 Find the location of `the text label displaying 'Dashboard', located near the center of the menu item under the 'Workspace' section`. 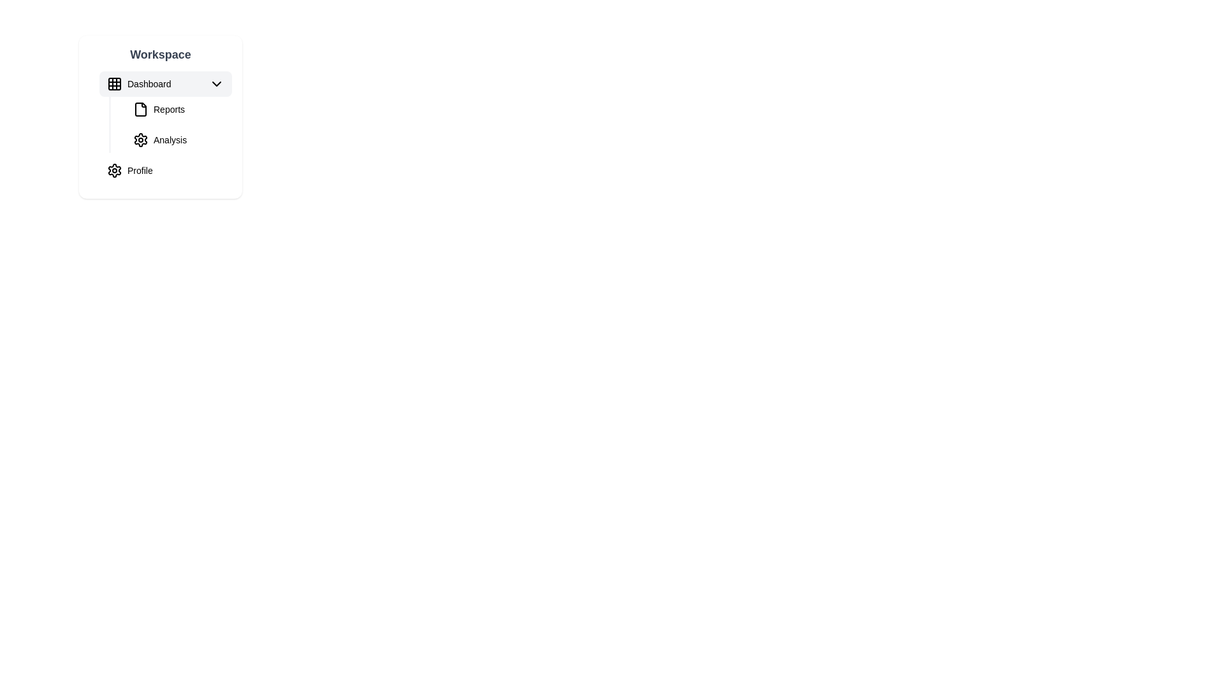

the text label displaying 'Dashboard', located near the center of the menu item under the 'Workspace' section is located at coordinates (149, 83).